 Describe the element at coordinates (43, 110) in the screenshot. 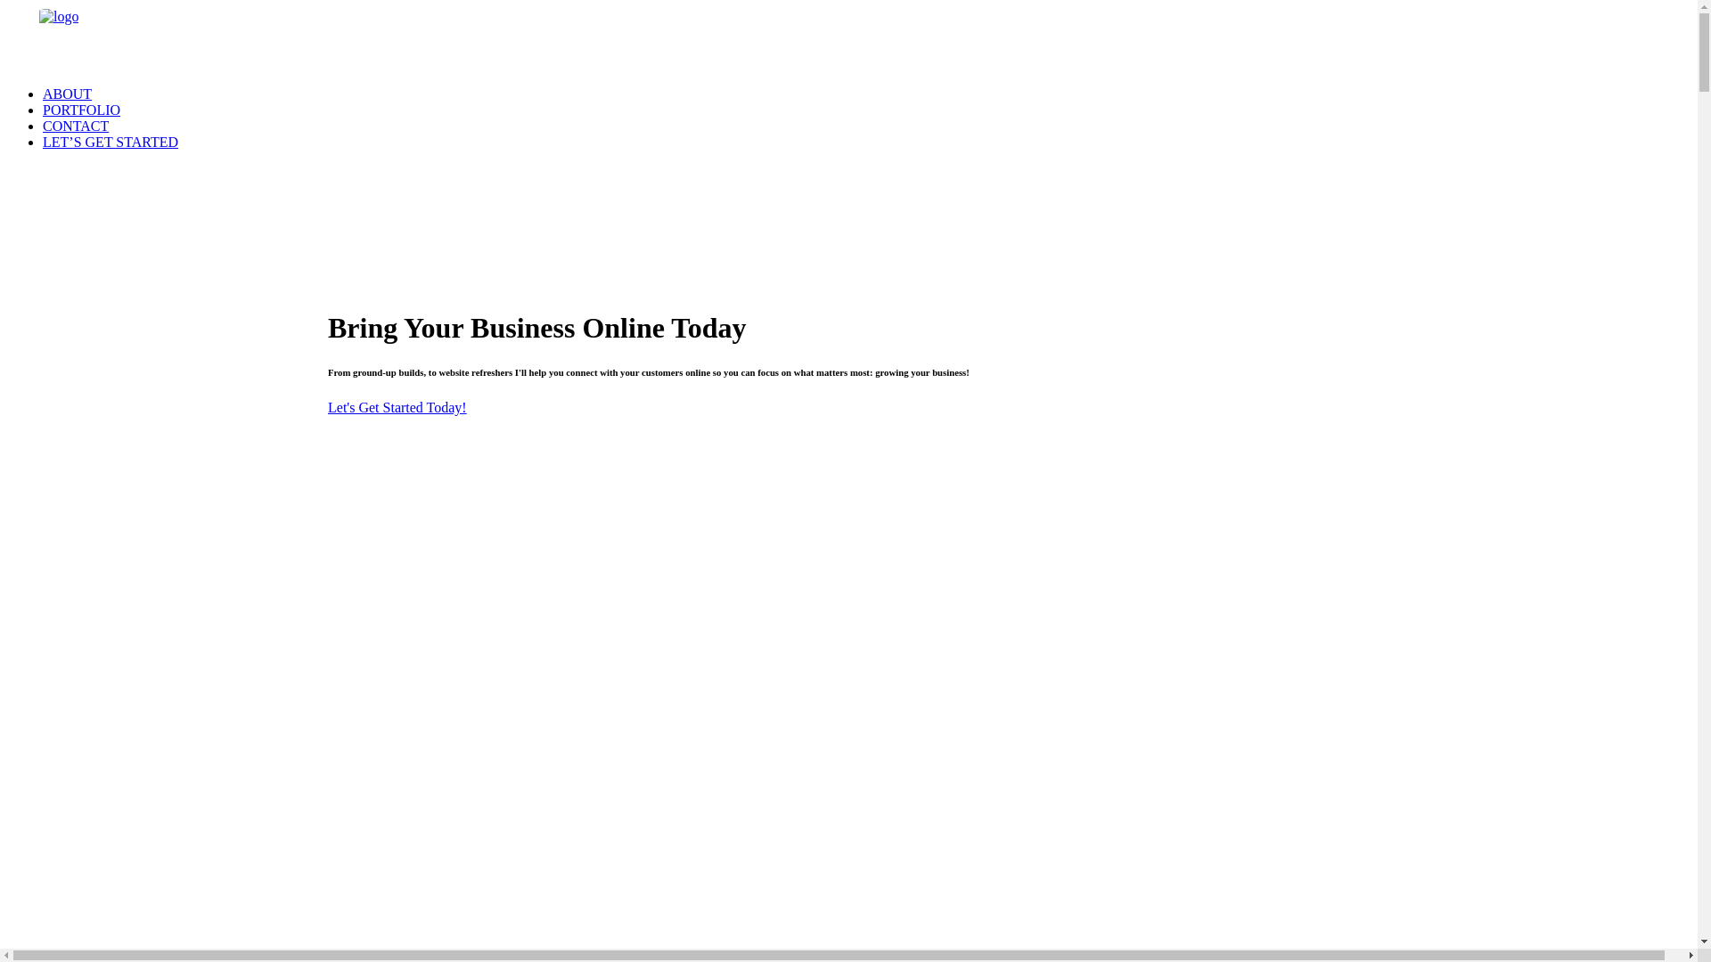

I see `'PORTFOLIO'` at that location.